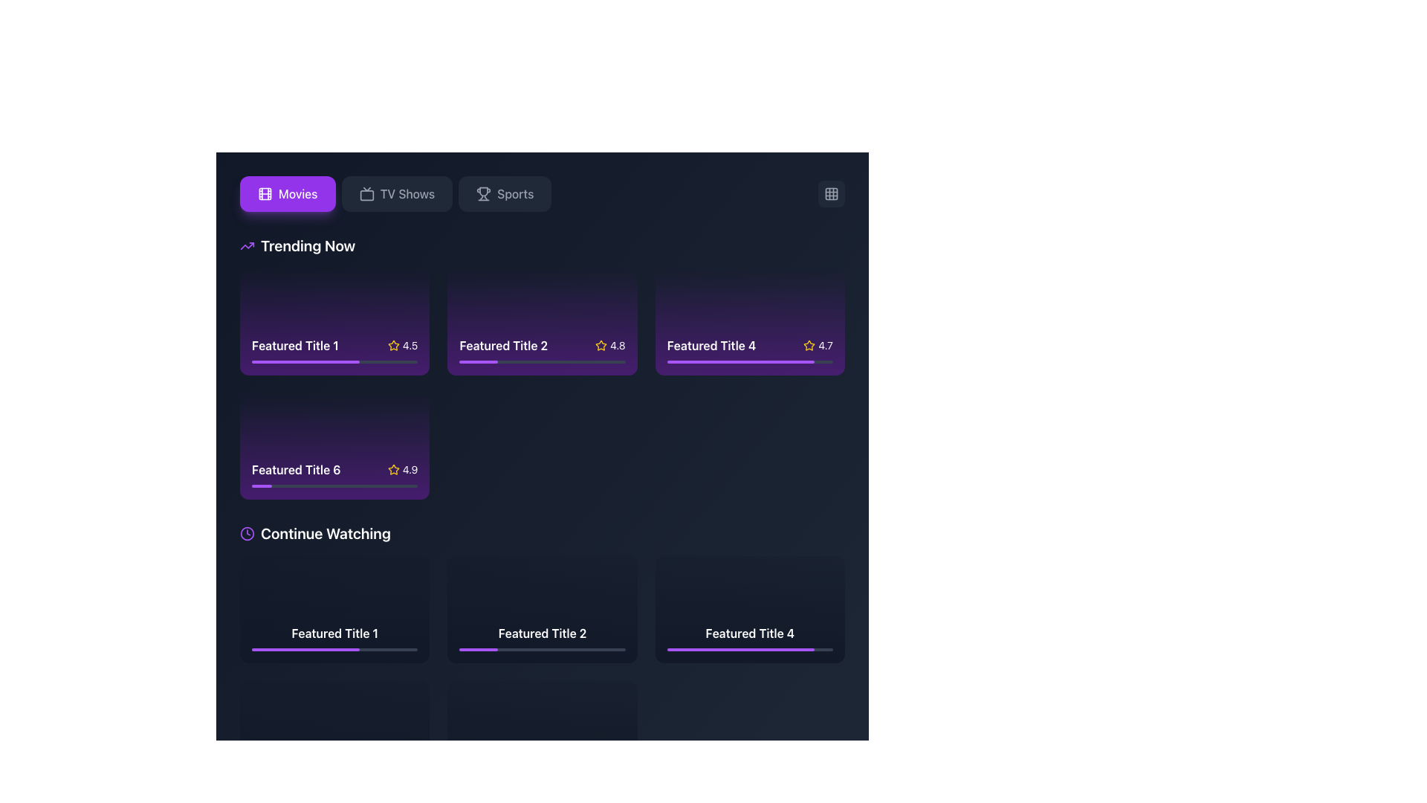  What do you see at coordinates (334, 648) in the screenshot?
I see `the progress bar located beneath the 'Featured Title 1' label in the 'Continue Watching' section, which has a dark background and a purple filled section occupying approximately 65% of the bar` at bounding box center [334, 648].